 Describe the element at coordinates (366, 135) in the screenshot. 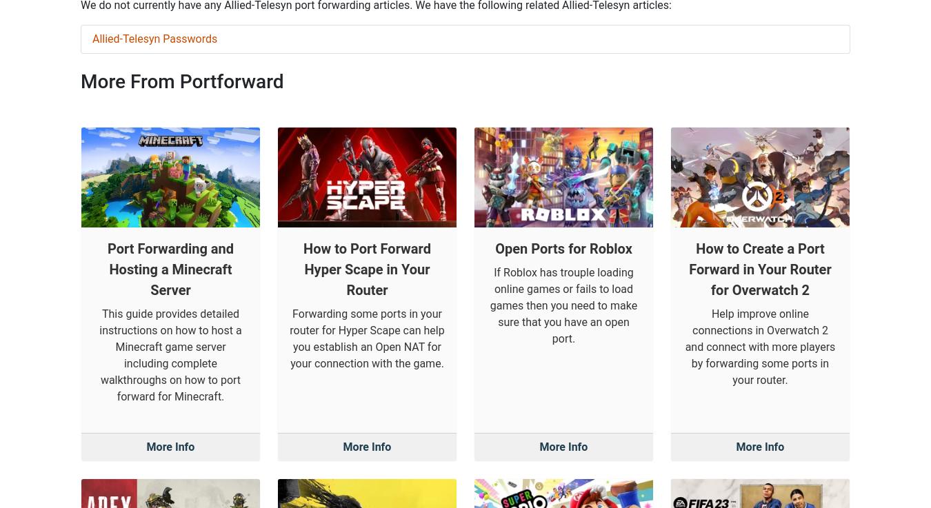

I see `'How to Port Forward Hyper Scape in Your Router'` at that location.